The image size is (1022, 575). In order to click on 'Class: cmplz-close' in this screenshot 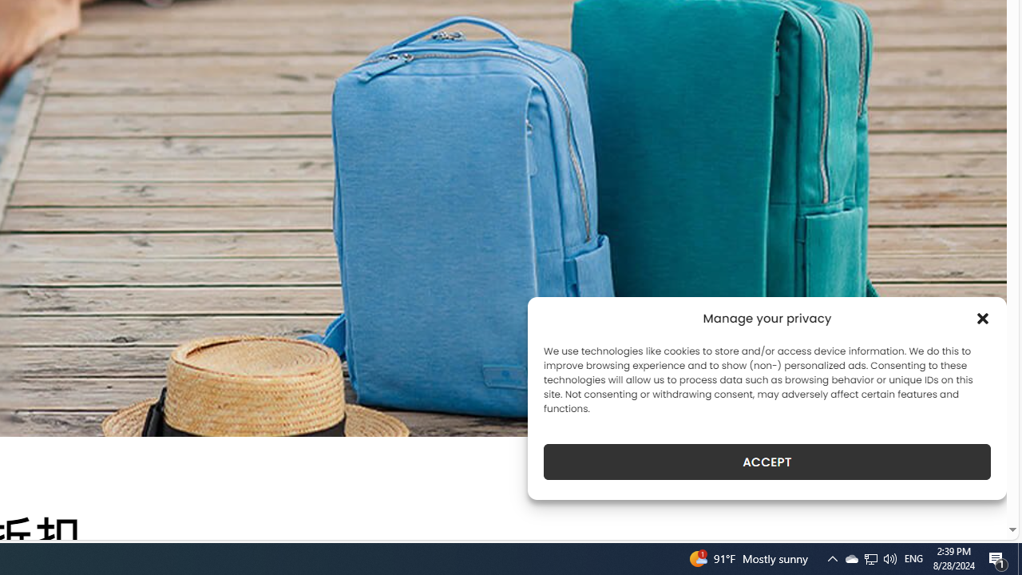, I will do `click(982, 318)`.